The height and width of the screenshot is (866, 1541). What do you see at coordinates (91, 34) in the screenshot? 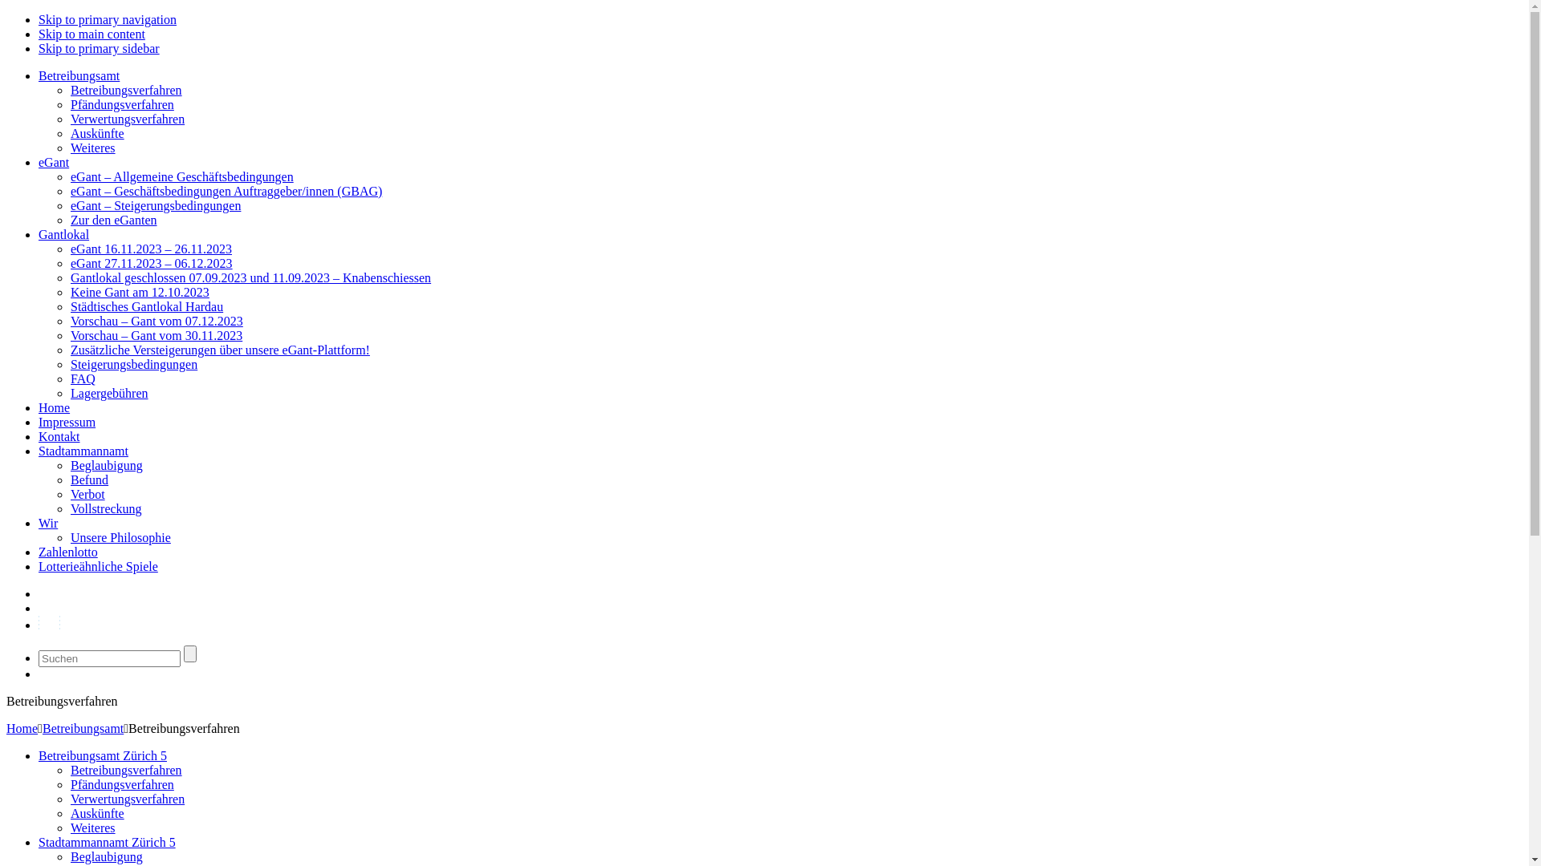
I see `'Skip to main content'` at bounding box center [91, 34].